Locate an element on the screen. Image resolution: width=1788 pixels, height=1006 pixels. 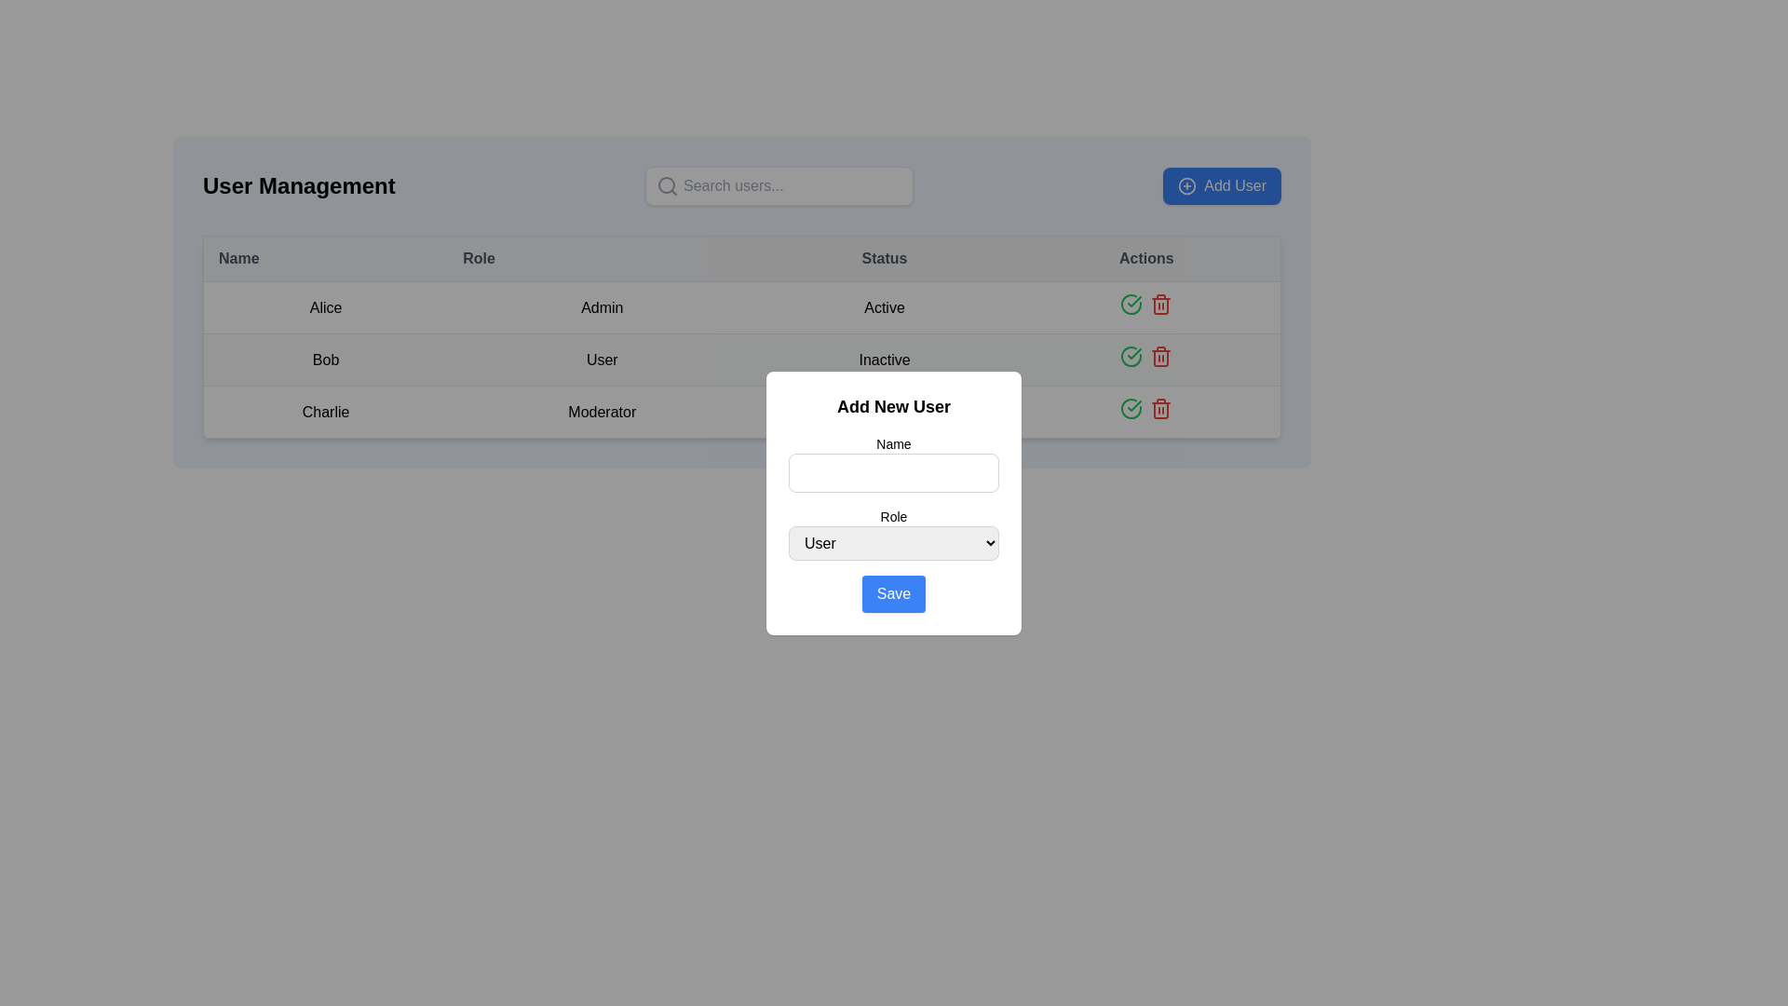
the small circular magnifying glass icon located to the left of the input field in the search bar interface to associate it with the adjacent text field is located at coordinates (667, 186).